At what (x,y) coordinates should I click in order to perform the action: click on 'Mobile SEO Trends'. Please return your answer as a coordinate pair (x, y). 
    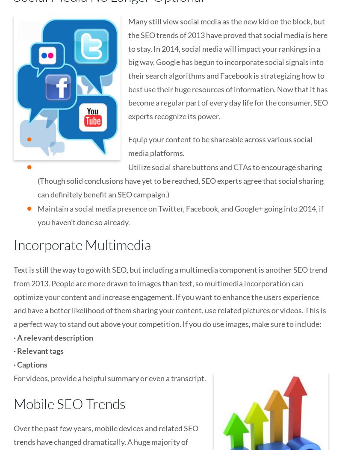
    Looking at the image, I should click on (69, 403).